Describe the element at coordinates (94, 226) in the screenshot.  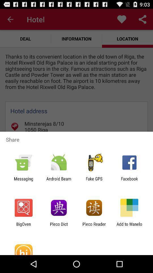
I see `app to the left of add to wanelo app` at that location.